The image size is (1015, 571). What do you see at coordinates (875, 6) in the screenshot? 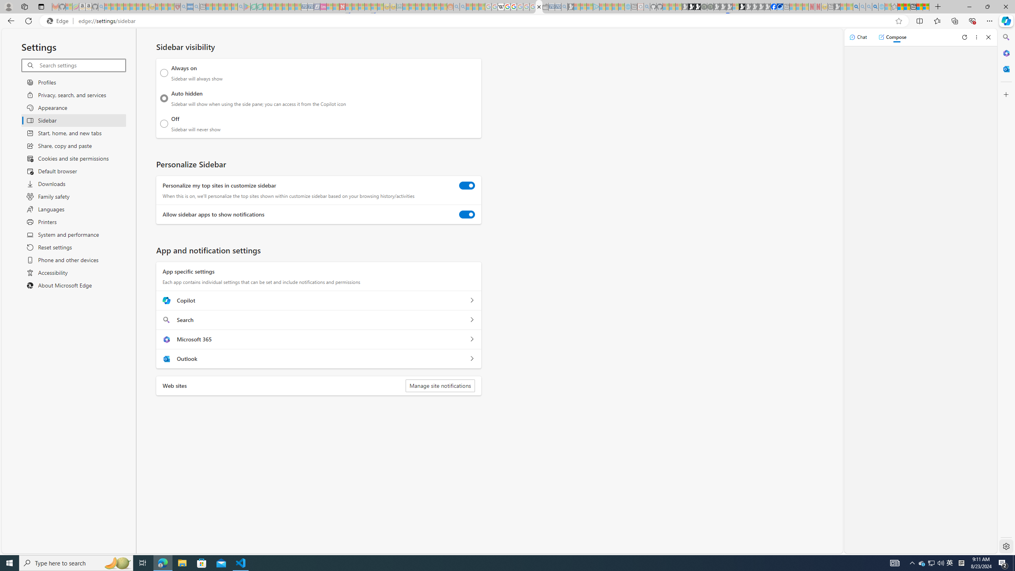
I see `'Google Chrome Internet Browser Download - Search Images'` at bounding box center [875, 6].